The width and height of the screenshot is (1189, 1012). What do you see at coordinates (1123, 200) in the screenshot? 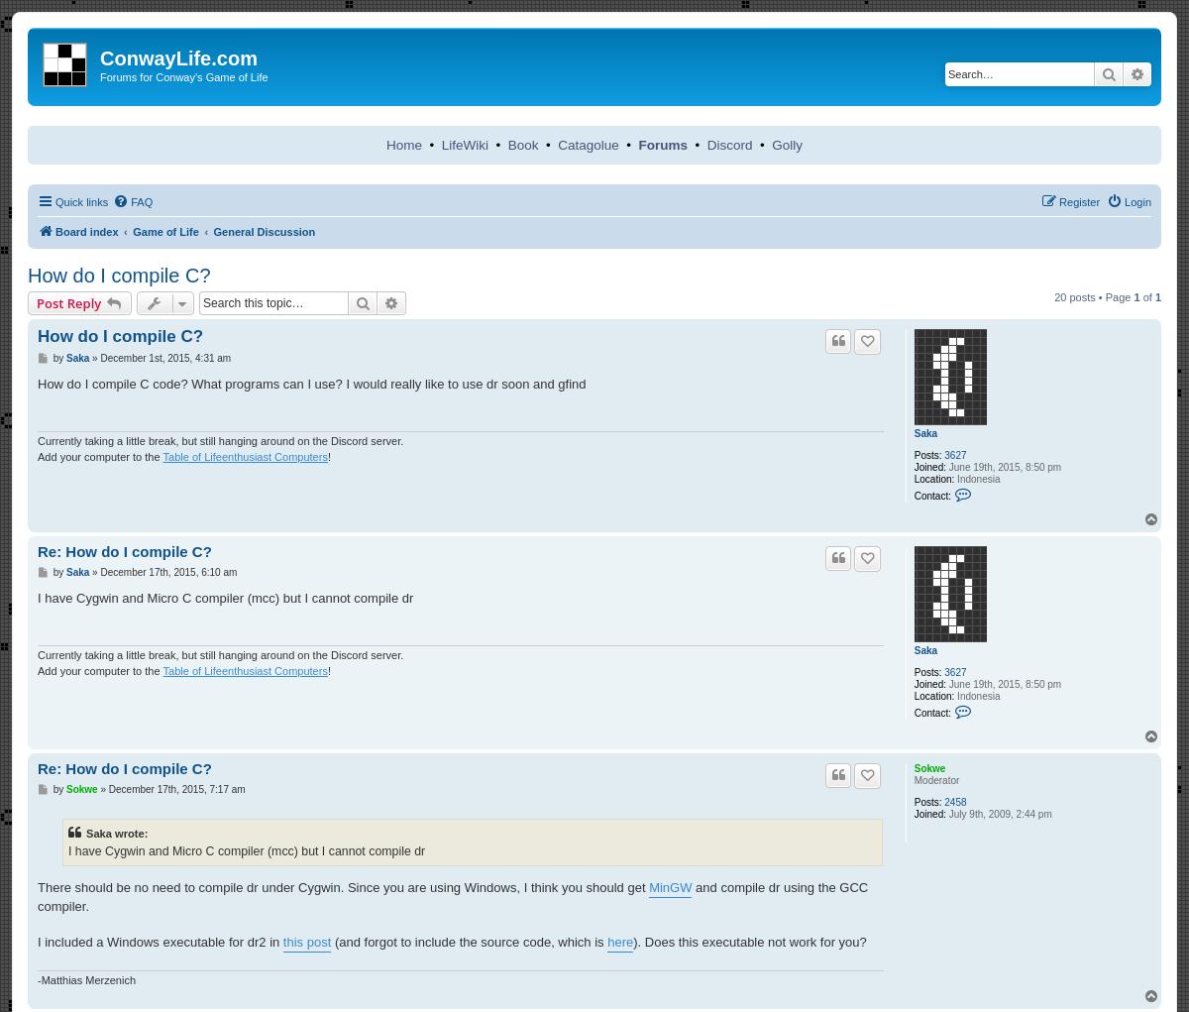
I see `'Login'` at bounding box center [1123, 200].